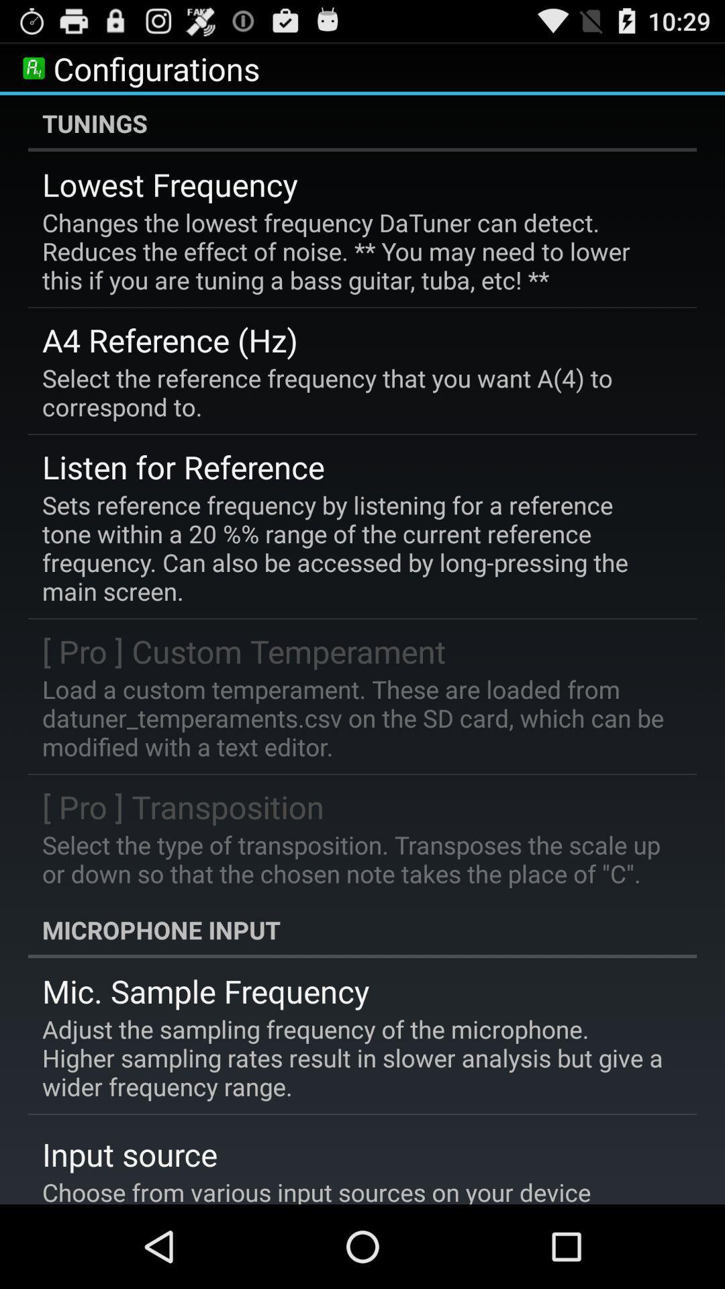  What do you see at coordinates (352, 251) in the screenshot?
I see `the changes the lowest` at bounding box center [352, 251].